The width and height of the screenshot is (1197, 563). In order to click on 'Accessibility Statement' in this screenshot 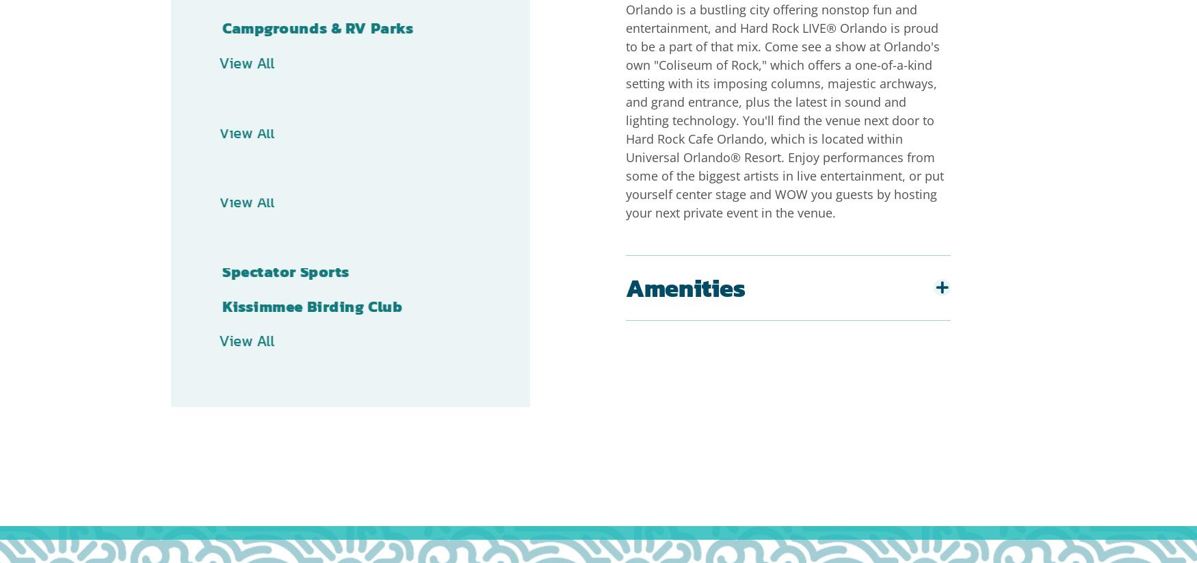, I will do `click(573, 534)`.